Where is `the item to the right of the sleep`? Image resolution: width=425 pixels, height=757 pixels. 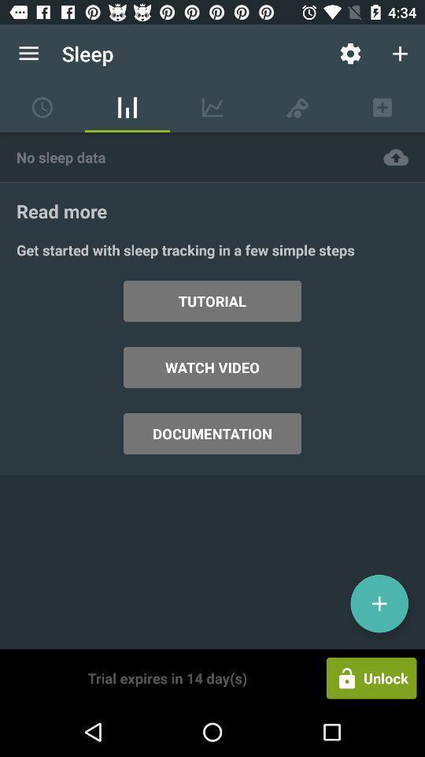
the item to the right of the sleep is located at coordinates (350, 54).